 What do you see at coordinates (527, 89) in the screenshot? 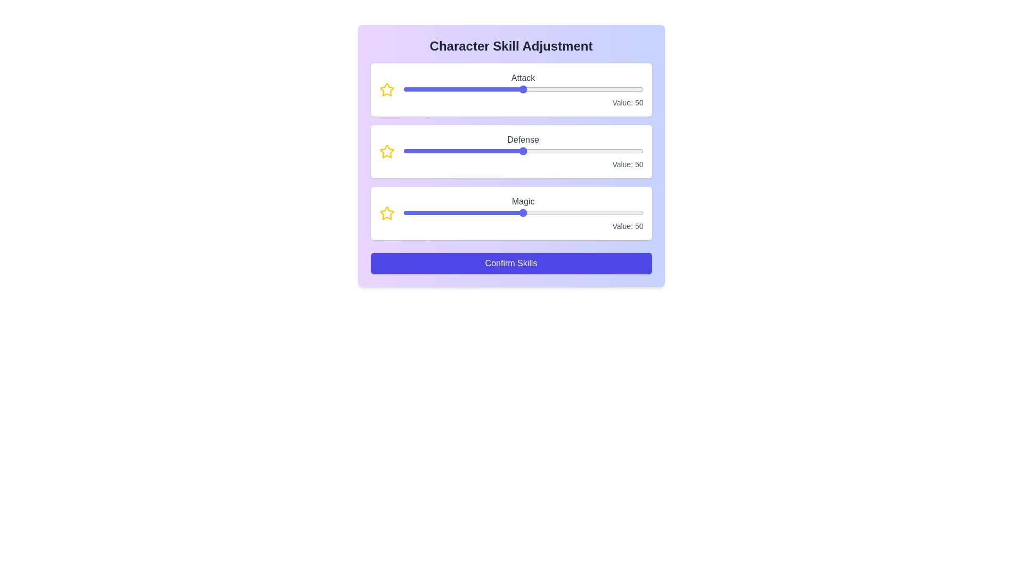
I see `the 0 slider to 4` at bounding box center [527, 89].